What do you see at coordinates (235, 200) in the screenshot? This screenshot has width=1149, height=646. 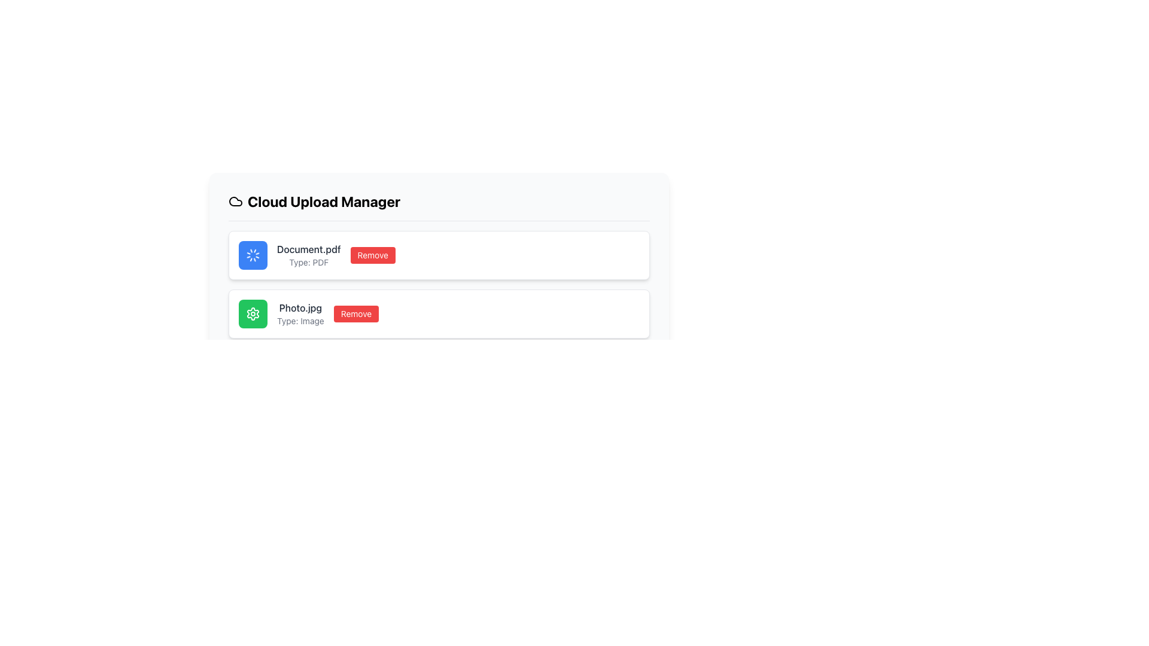 I see `the cloud icon representing cloud storage functionality located in the top section of the 'Cloud Upload Manager' widget, positioned to the left of the text 'Cloud Upload Manager'` at bounding box center [235, 200].